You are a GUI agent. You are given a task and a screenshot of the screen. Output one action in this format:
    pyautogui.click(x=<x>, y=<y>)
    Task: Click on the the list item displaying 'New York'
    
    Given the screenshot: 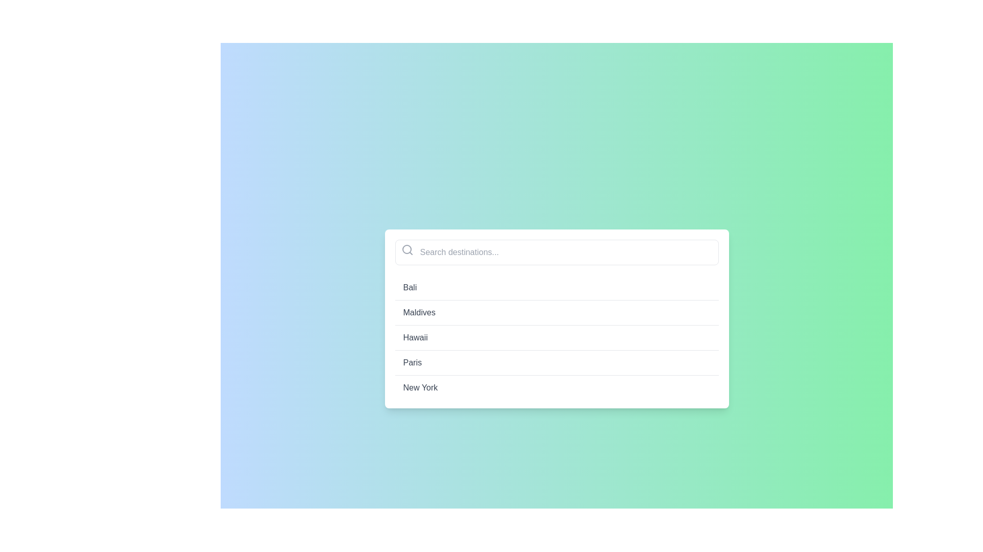 What is the action you would take?
    pyautogui.click(x=556, y=387)
    